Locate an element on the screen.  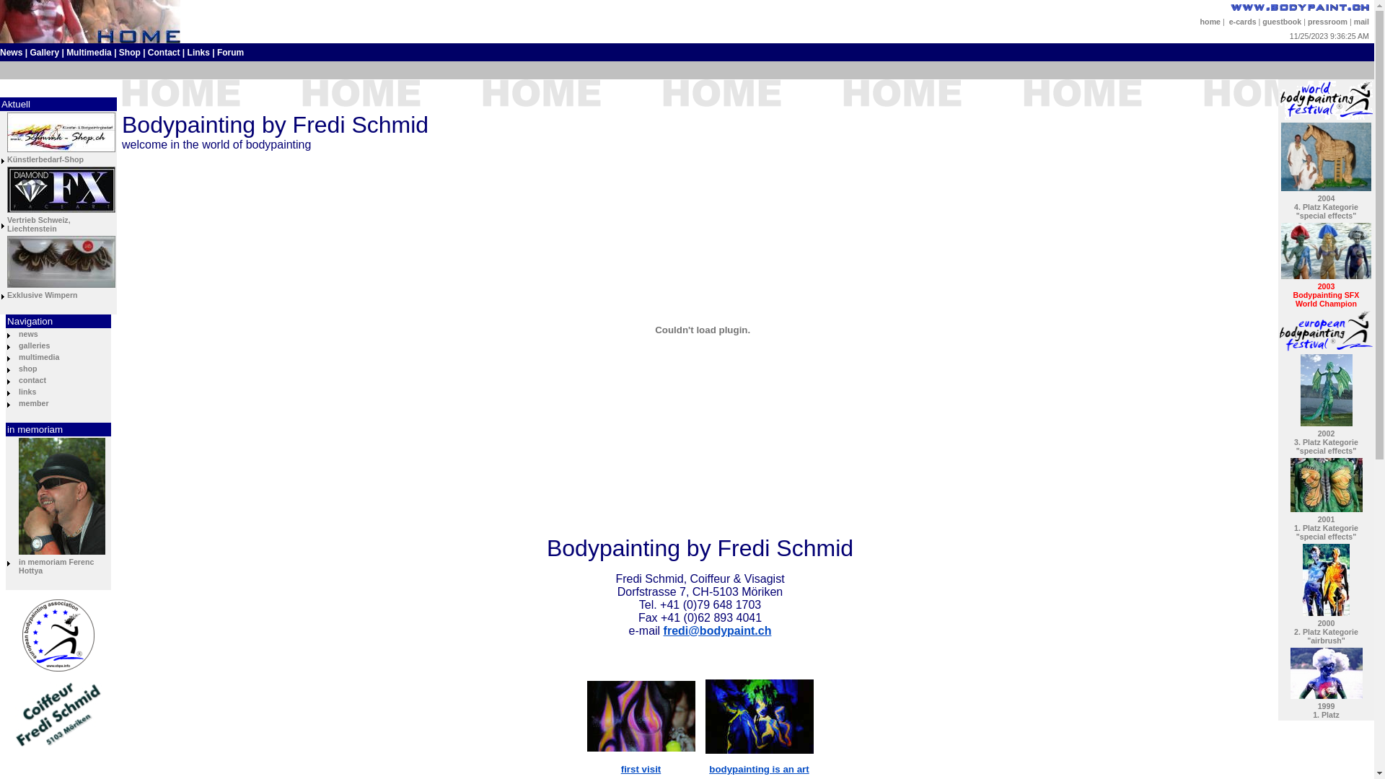
'Exklusive Wimpern' is located at coordinates (42, 294).